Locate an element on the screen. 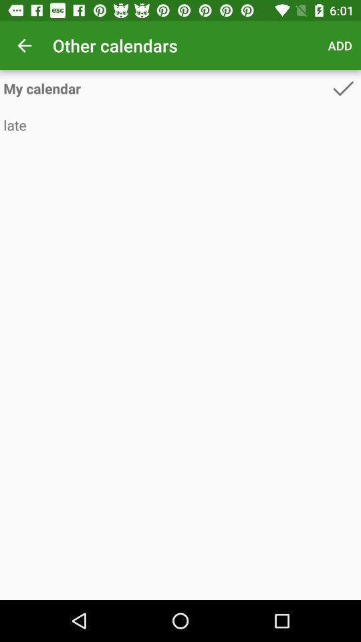  item above late icon is located at coordinates (166, 88).